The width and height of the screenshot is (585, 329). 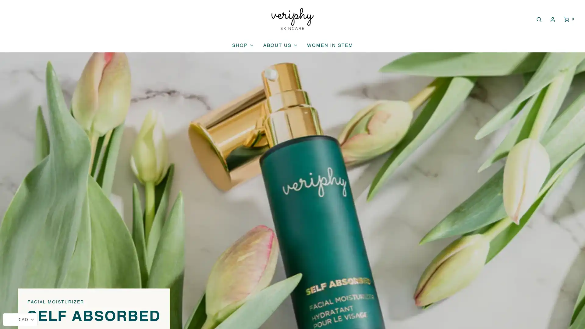 What do you see at coordinates (568, 19) in the screenshot?
I see `Open cart sidebar` at bounding box center [568, 19].